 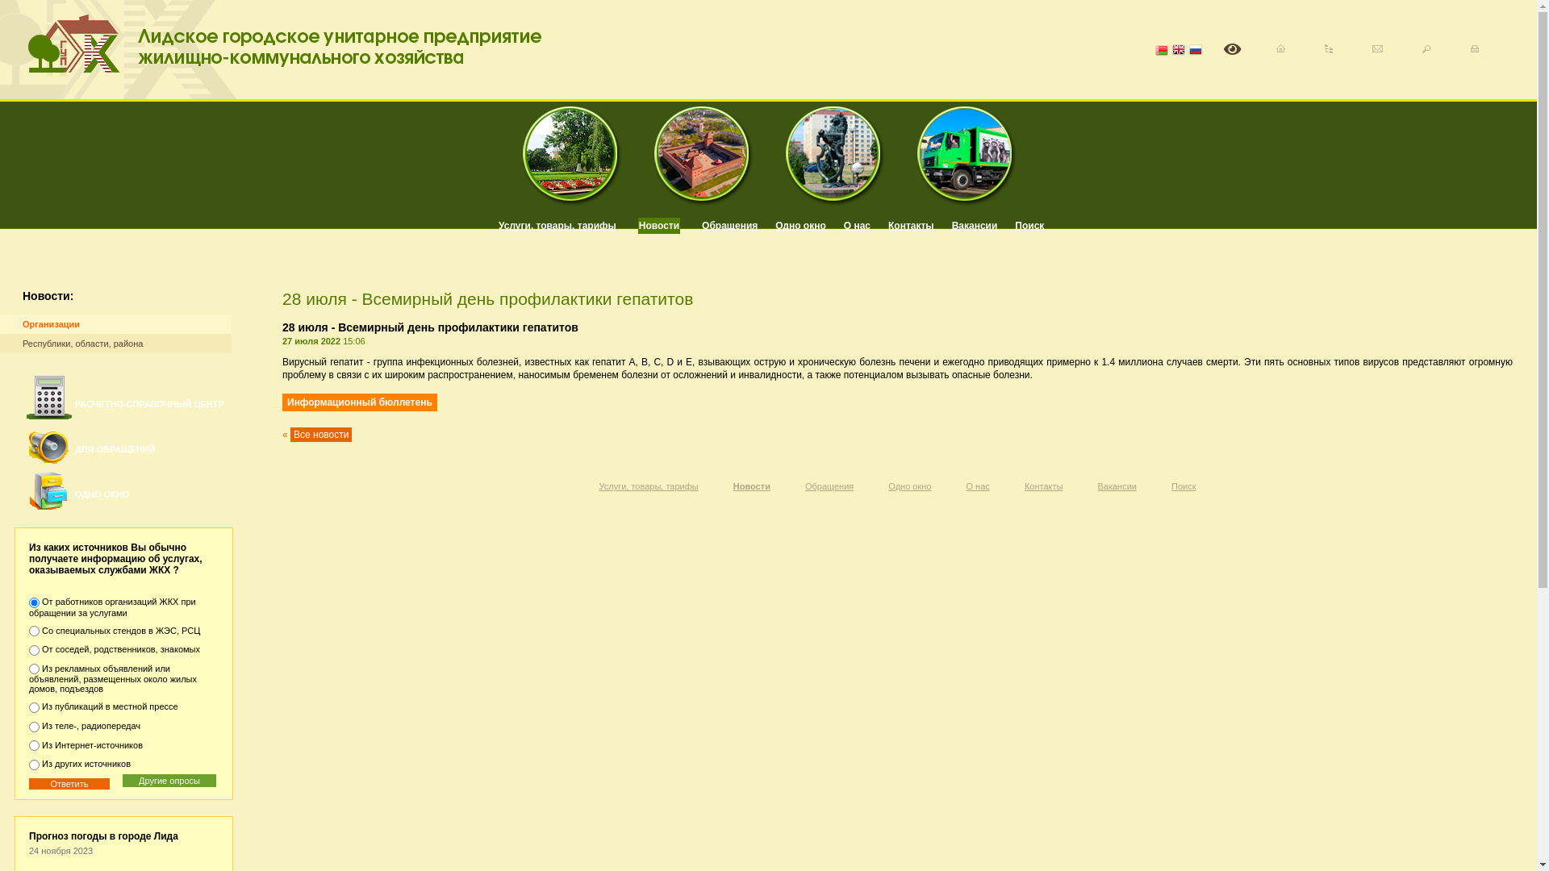 What do you see at coordinates (1196, 50) in the screenshot?
I see `'Russian'` at bounding box center [1196, 50].